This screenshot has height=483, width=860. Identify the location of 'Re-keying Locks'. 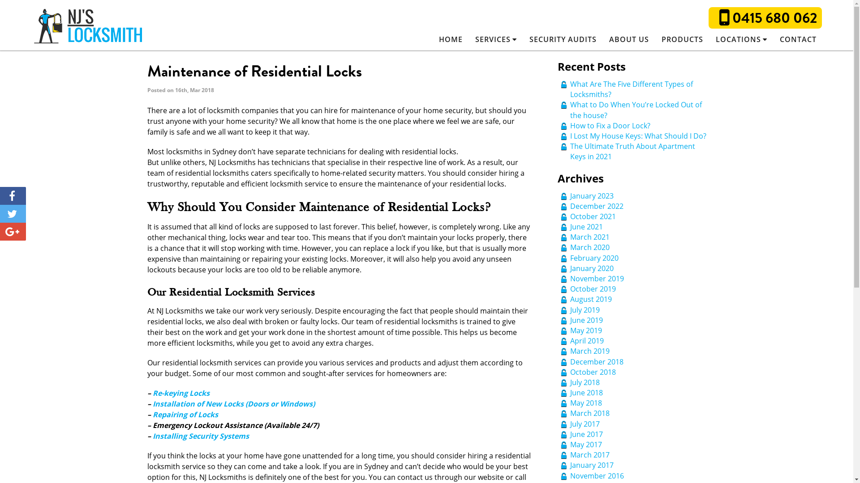
(180, 393).